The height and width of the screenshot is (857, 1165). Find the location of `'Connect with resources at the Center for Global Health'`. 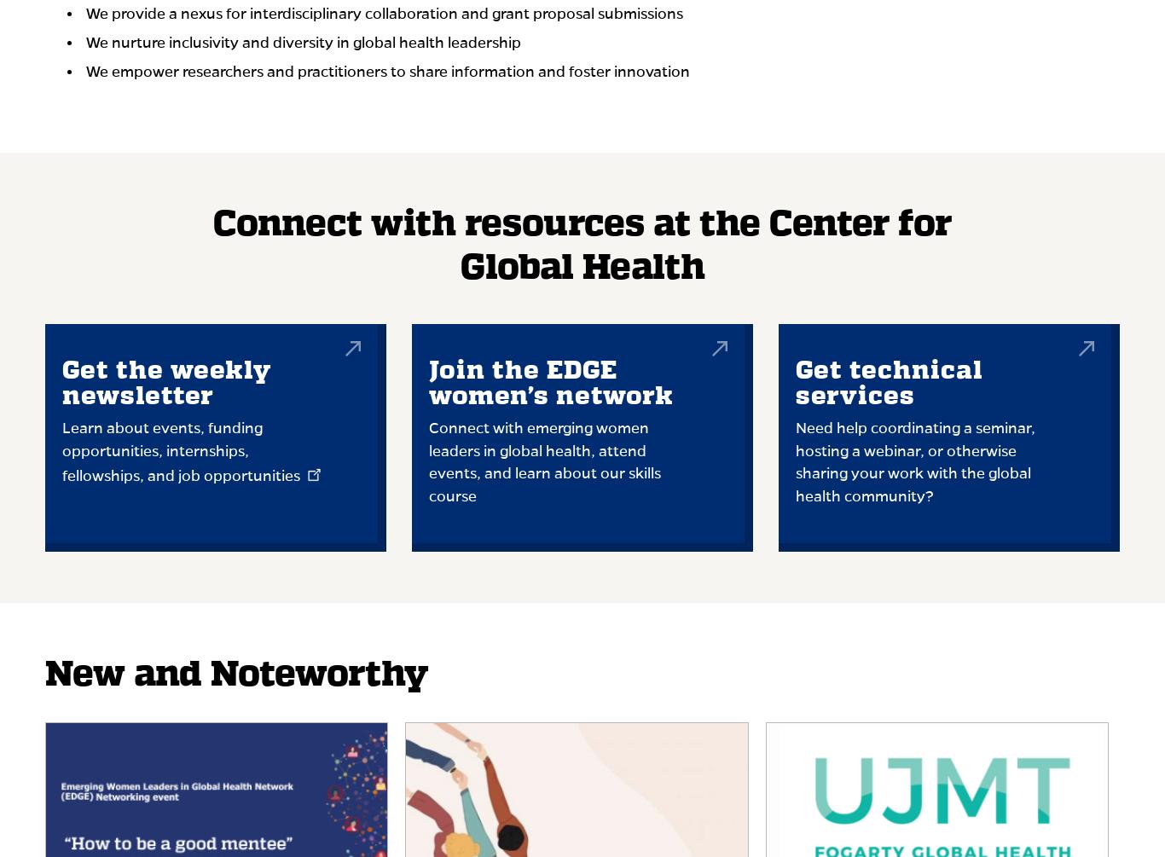

'Connect with resources at the Center for Global Health' is located at coordinates (212, 246).